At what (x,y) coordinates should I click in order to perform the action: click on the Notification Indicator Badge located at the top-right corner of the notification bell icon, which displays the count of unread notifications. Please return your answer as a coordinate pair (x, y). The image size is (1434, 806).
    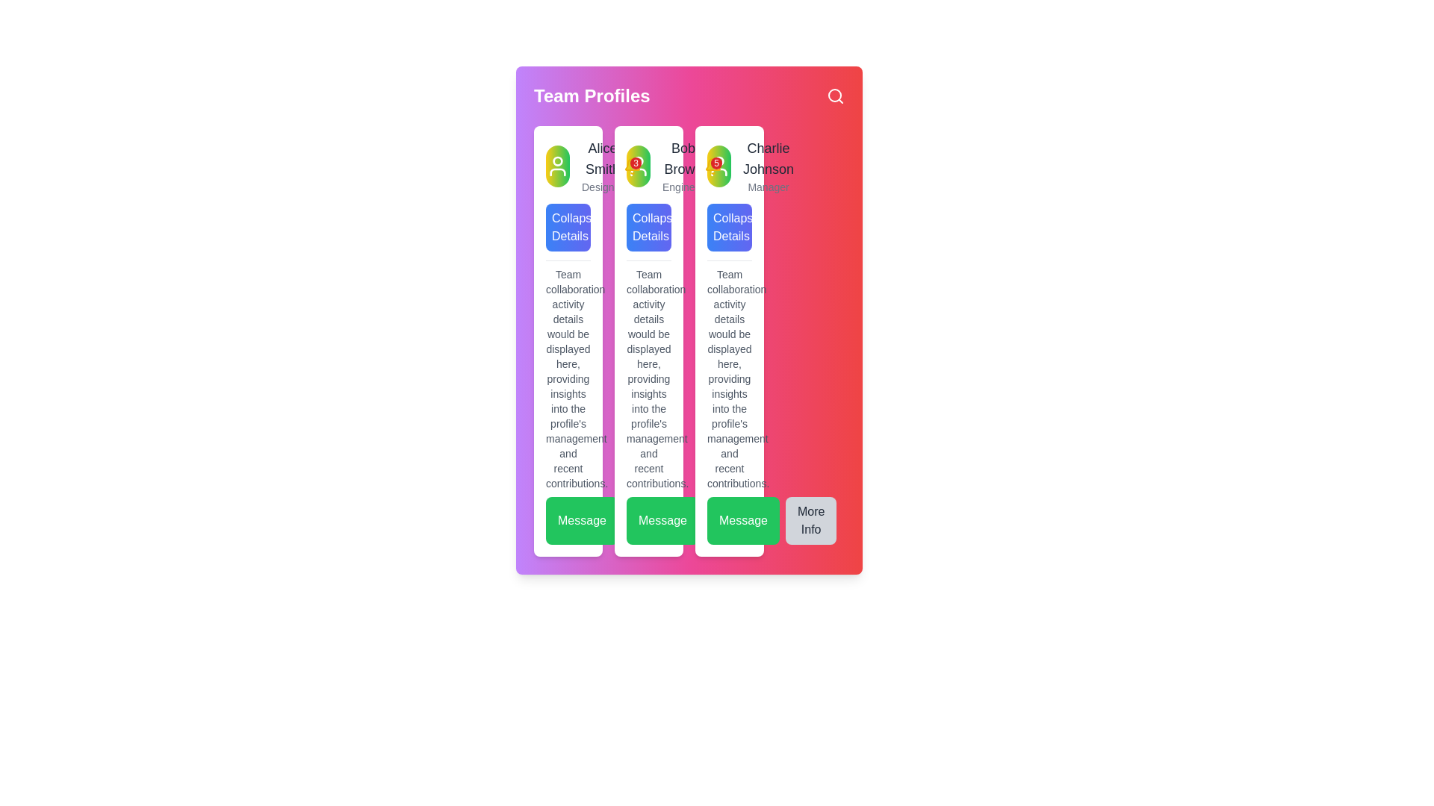
    Looking at the image, I should click on (716, 163).